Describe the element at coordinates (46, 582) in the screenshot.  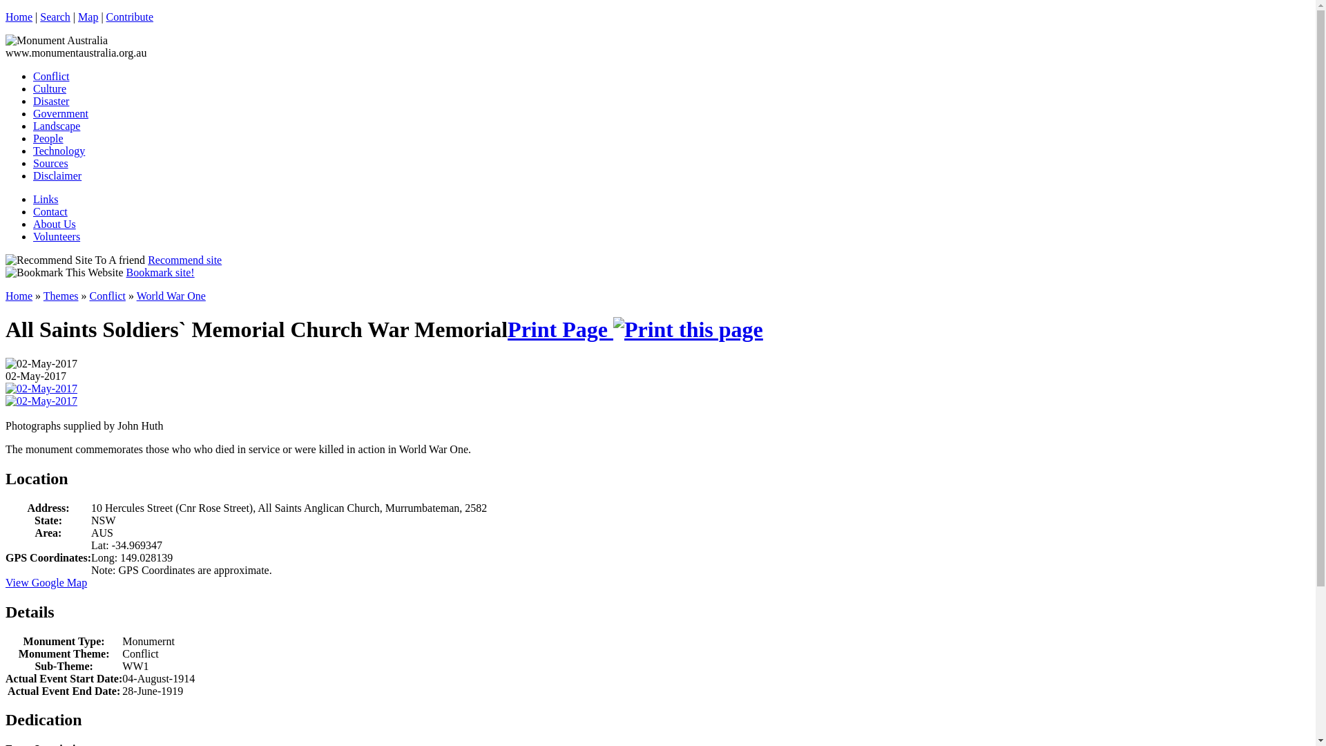
I see `'View Google Map'` at that location.